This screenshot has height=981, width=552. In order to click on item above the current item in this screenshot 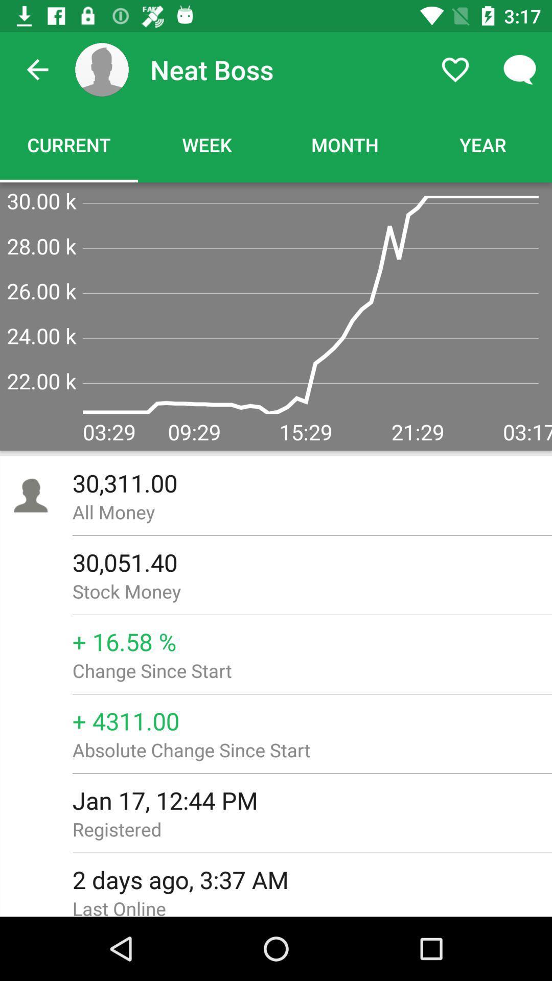, I will do `click(37, 69)`.